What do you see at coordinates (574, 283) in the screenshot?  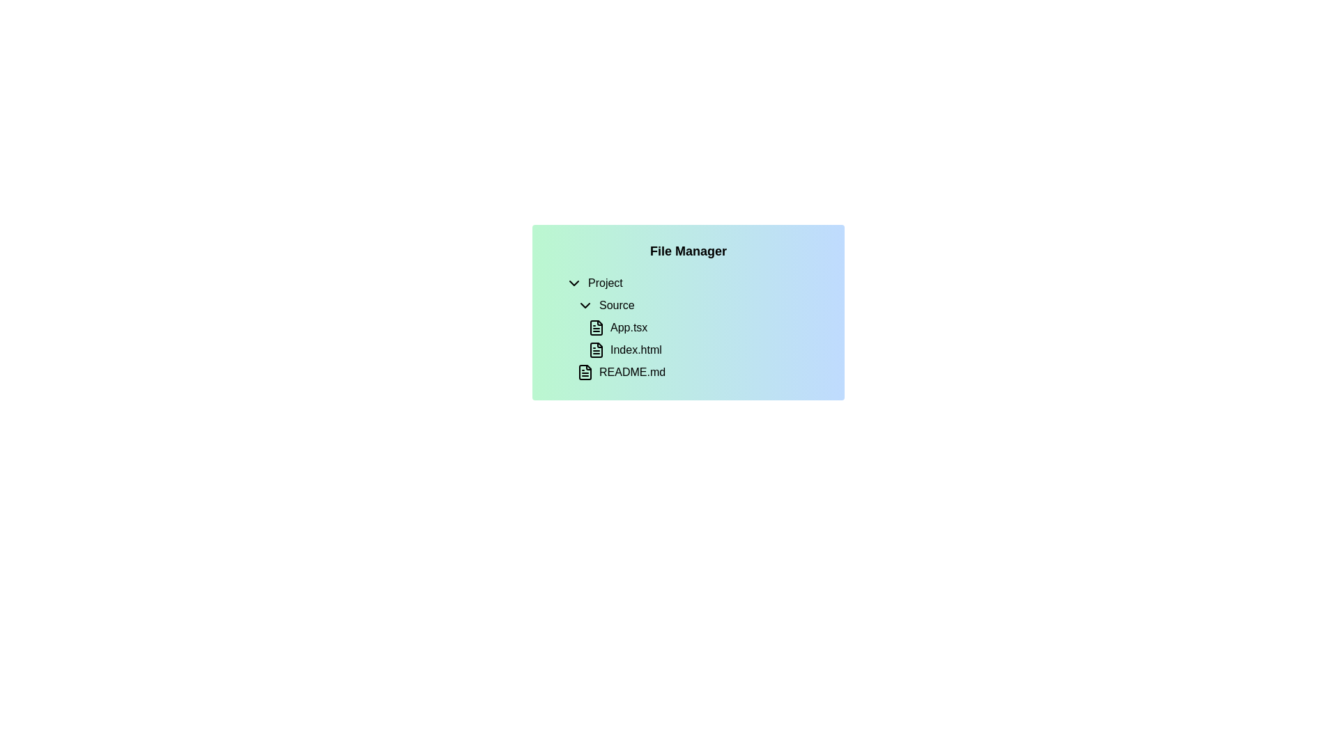 I see `the downward-facing chevron icon` at bounding box center [574, 283].